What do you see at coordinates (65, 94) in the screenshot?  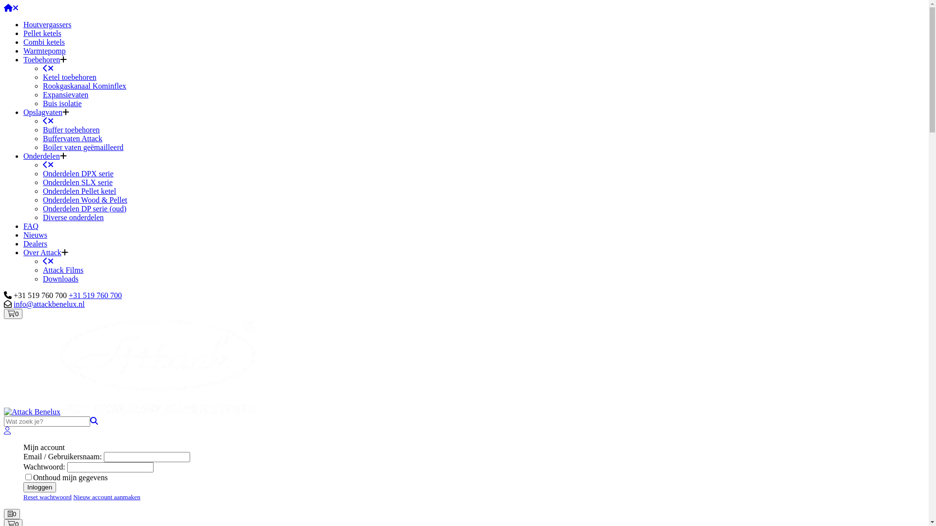 I see `'Expansievaten'` at bounding box center [65, 94].